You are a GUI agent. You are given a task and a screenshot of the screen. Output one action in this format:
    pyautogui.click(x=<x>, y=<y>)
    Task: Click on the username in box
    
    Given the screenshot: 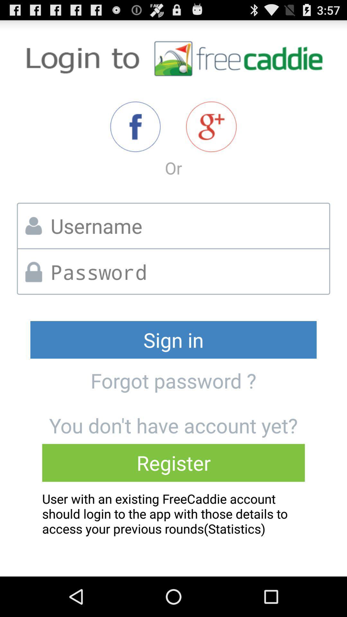 What is the action you would take?
    pyautogui.click(x=188, y=226)
    